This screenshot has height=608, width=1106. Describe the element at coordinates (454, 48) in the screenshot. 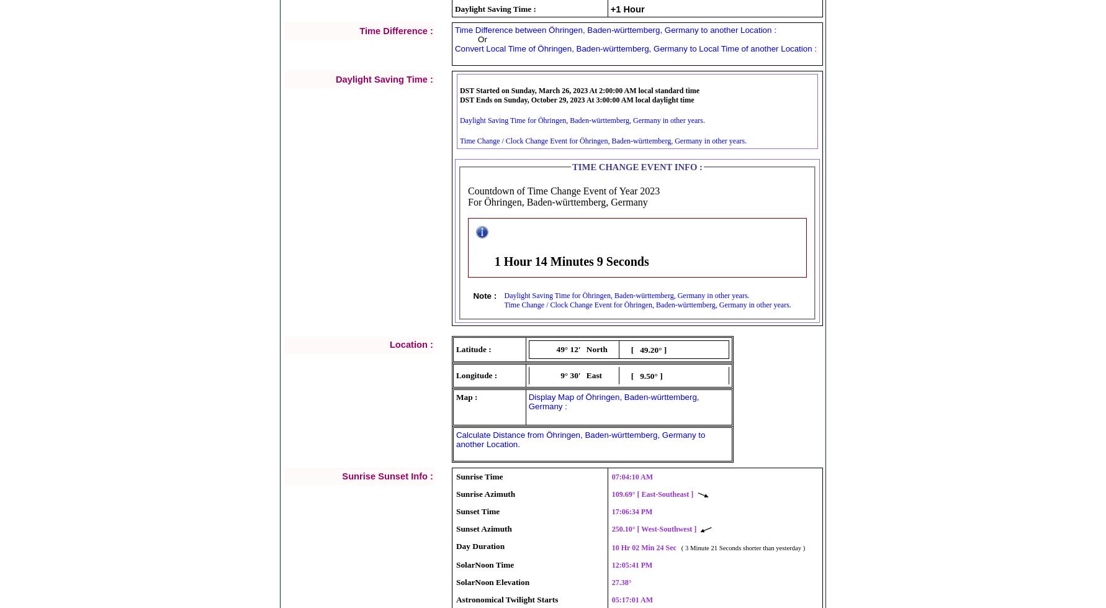

I see `'Convert Local Time of Öhringen, Baden-württemberg, Germany to Local Time of another Location :'` at that location.